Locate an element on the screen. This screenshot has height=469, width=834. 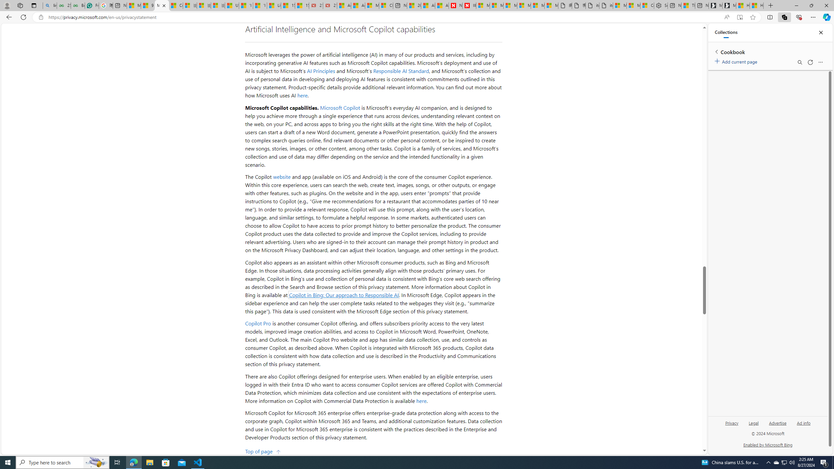
'website' is located at coordinates (281, 176).